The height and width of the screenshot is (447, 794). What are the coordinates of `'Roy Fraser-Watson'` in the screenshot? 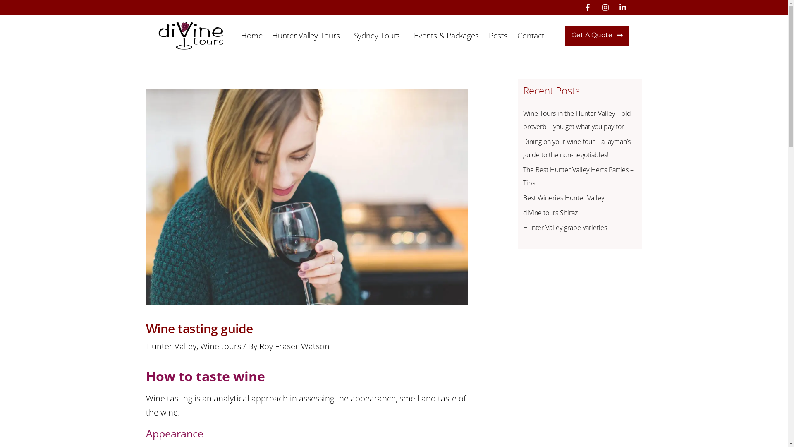 It's located at (294, 346).